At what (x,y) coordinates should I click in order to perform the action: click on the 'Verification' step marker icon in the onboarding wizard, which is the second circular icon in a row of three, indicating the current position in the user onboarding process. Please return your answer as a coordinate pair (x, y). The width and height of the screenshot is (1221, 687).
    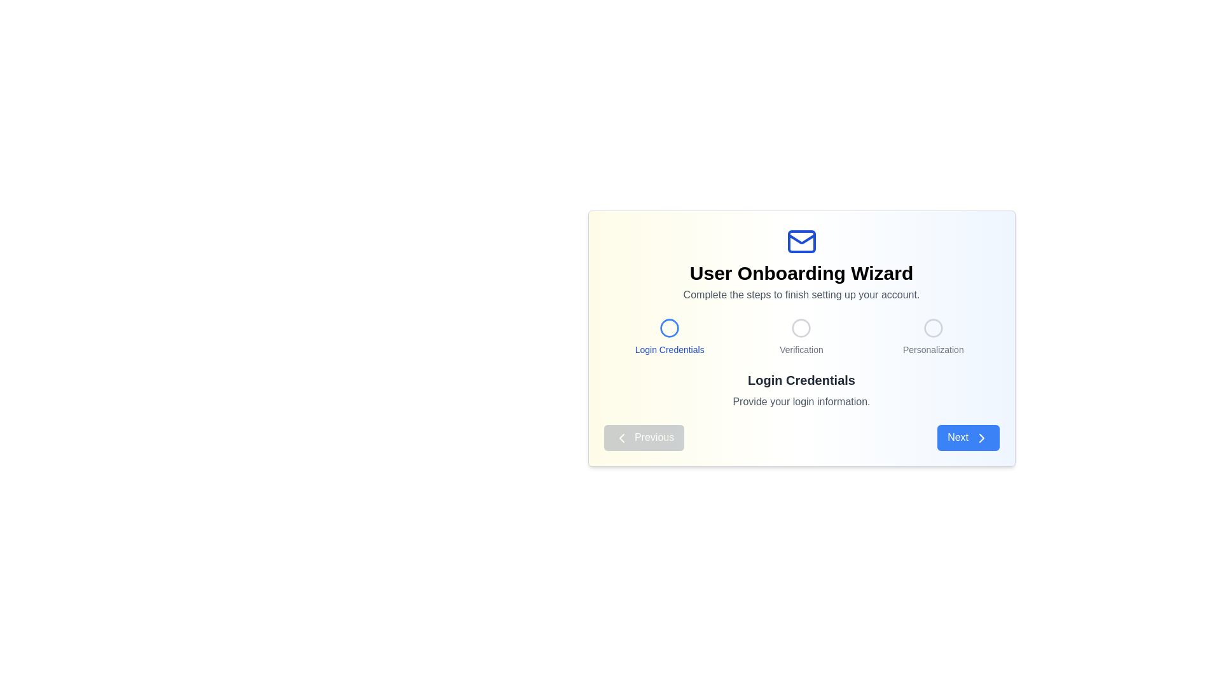
    Looking at the image, I should click on (801, 328).